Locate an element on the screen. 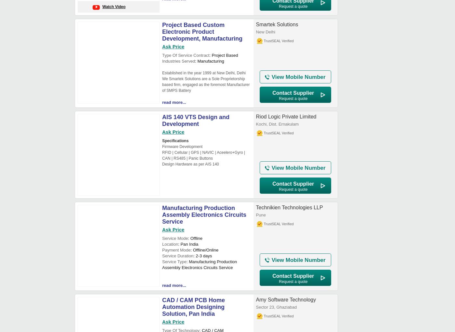 This screenshot has height=332, width=455. ':  2-3 days' is located at coordinates (202, 256).